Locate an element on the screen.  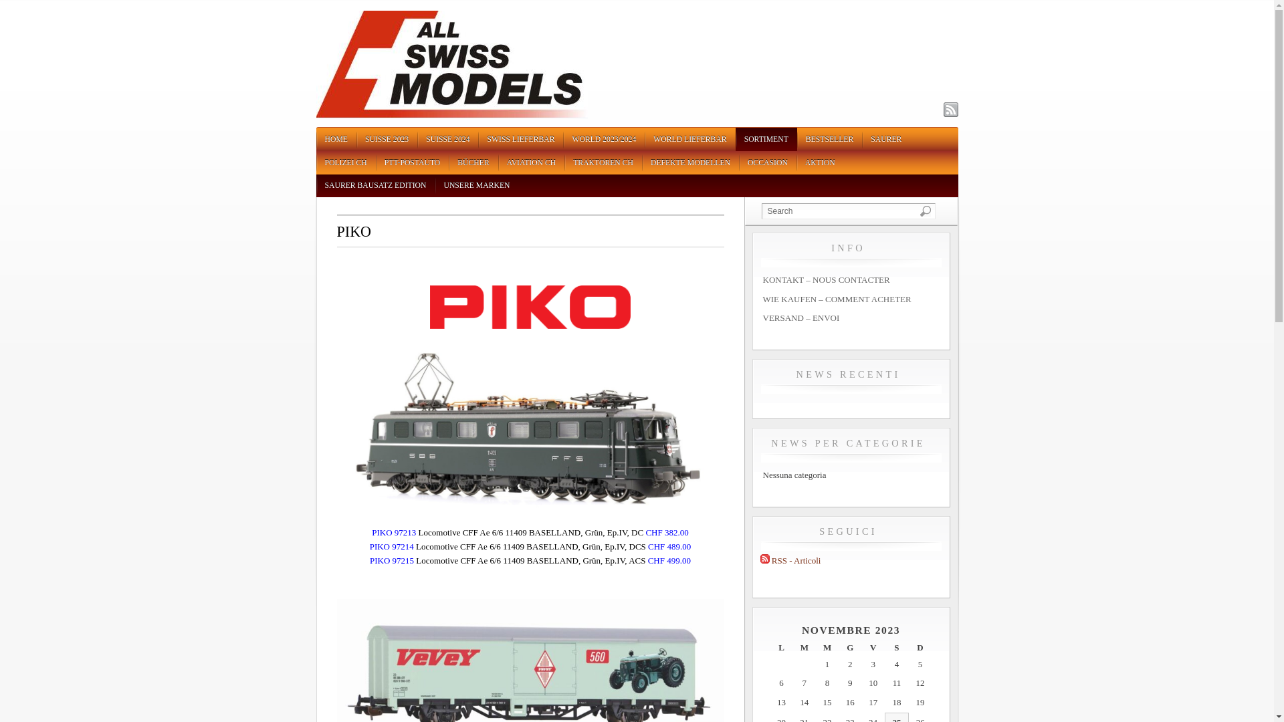
'SWISS LIEFERBAR' is located at coordinates (520, 139).